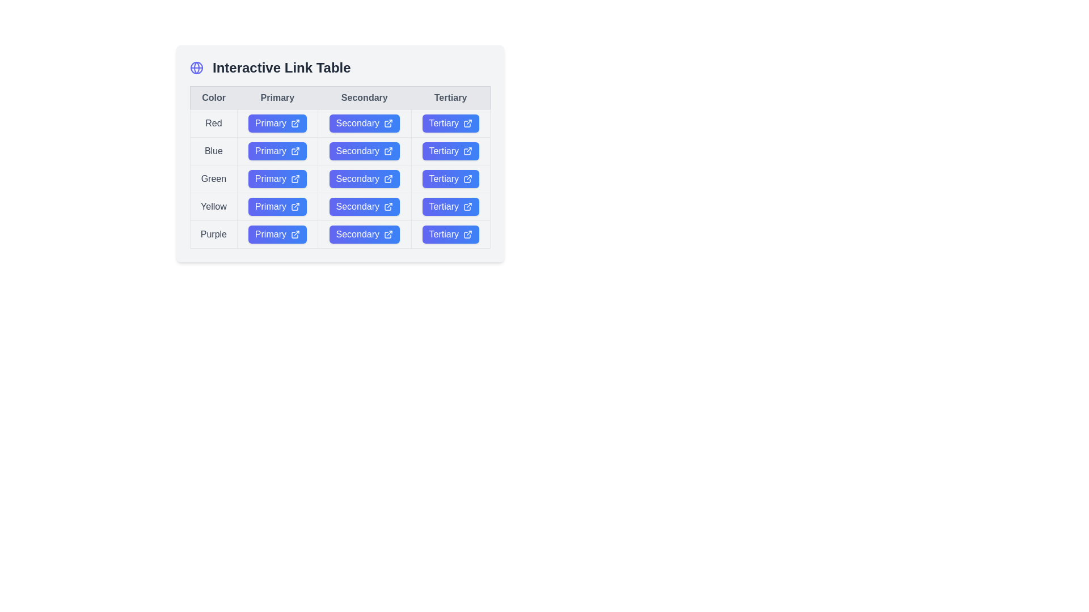 The width and height of the screenshot is (1089, 612). I want to click on the interactive link button located in the fourth row and second column of the table under the 'Primary' category of the 'Yellow' row, so click(277, 207).